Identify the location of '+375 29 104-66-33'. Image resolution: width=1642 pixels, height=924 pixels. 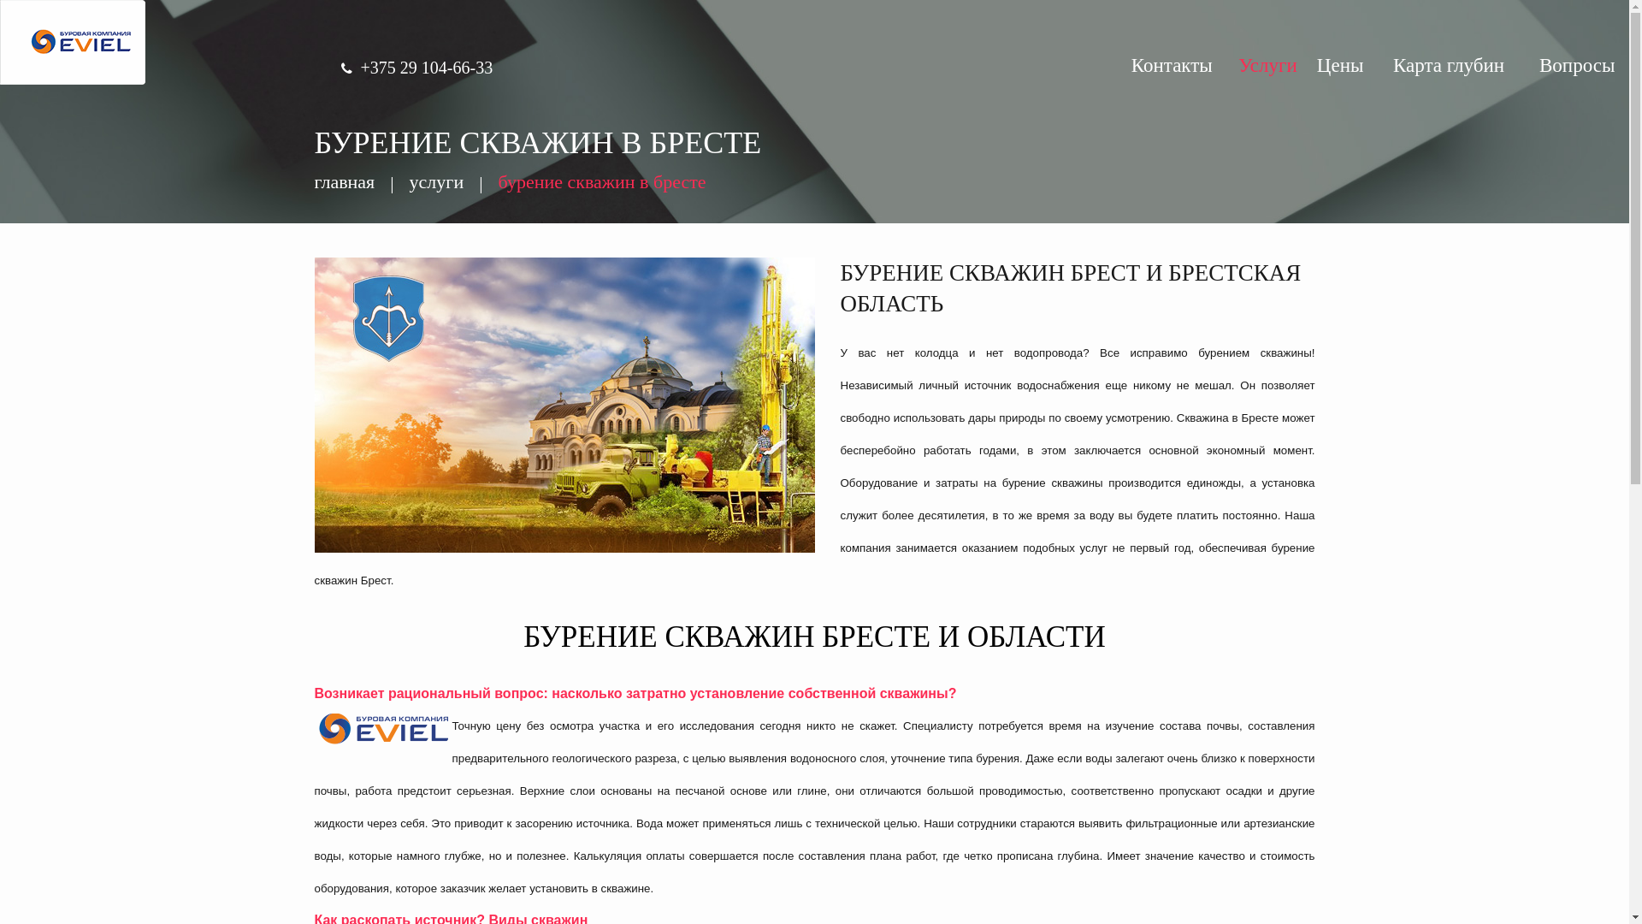
(427, 66).